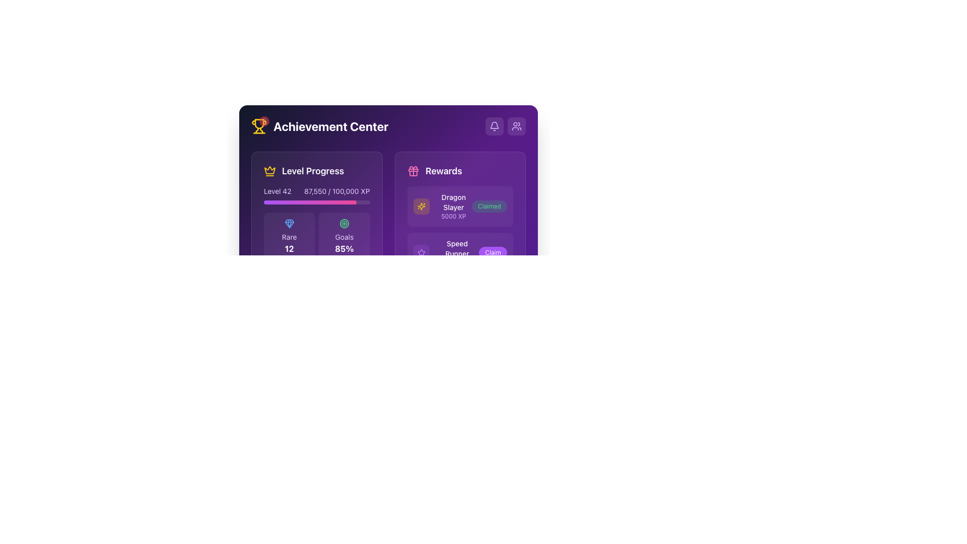 The height and width of the screenshot is (544, 967). I want to click on the 'Achievement Center' panel, so click(388, 174).